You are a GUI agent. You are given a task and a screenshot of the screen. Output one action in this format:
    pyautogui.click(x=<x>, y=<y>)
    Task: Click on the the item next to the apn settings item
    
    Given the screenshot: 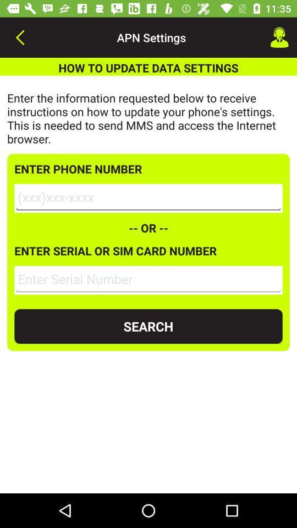 What is the action you would take?
    pyautogui.click(x=20, y=37)
    